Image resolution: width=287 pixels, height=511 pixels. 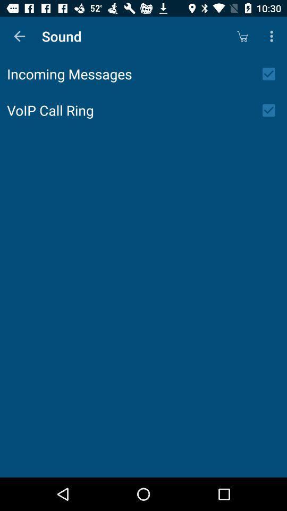 I want to click on the item above incoming messages item, so click(x=19, y=36).